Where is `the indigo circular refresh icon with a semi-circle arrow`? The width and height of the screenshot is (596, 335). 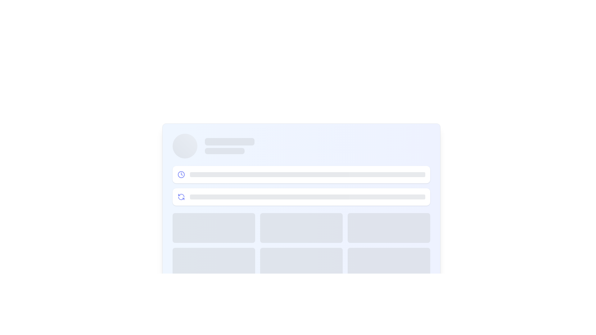 the indigo circular refresh icon with a semi-circle arrow is located at coordinates (181, 197).